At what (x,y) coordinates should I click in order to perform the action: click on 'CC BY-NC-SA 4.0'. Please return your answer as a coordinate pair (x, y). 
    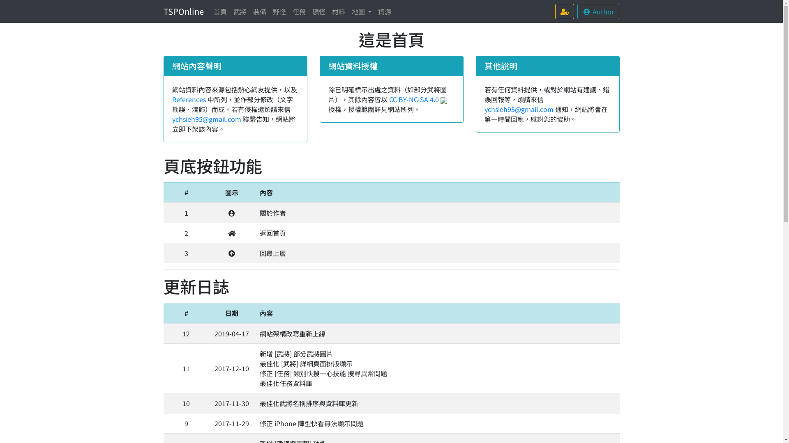
    Looking at the image, I should click on (388, 99).